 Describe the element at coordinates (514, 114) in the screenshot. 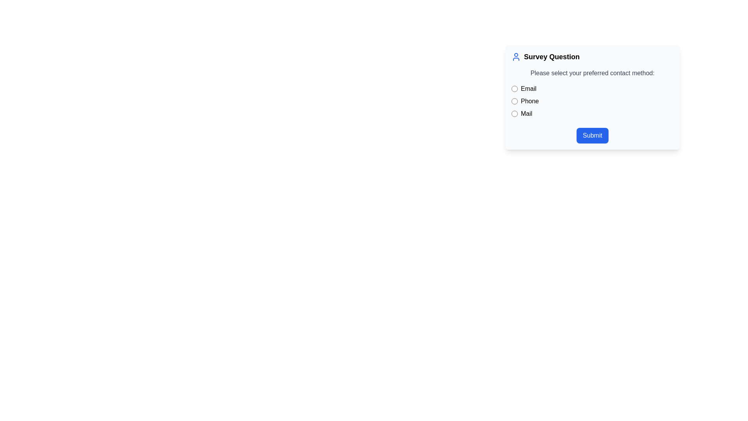

I see `the 'Mail' radio button` at that location.